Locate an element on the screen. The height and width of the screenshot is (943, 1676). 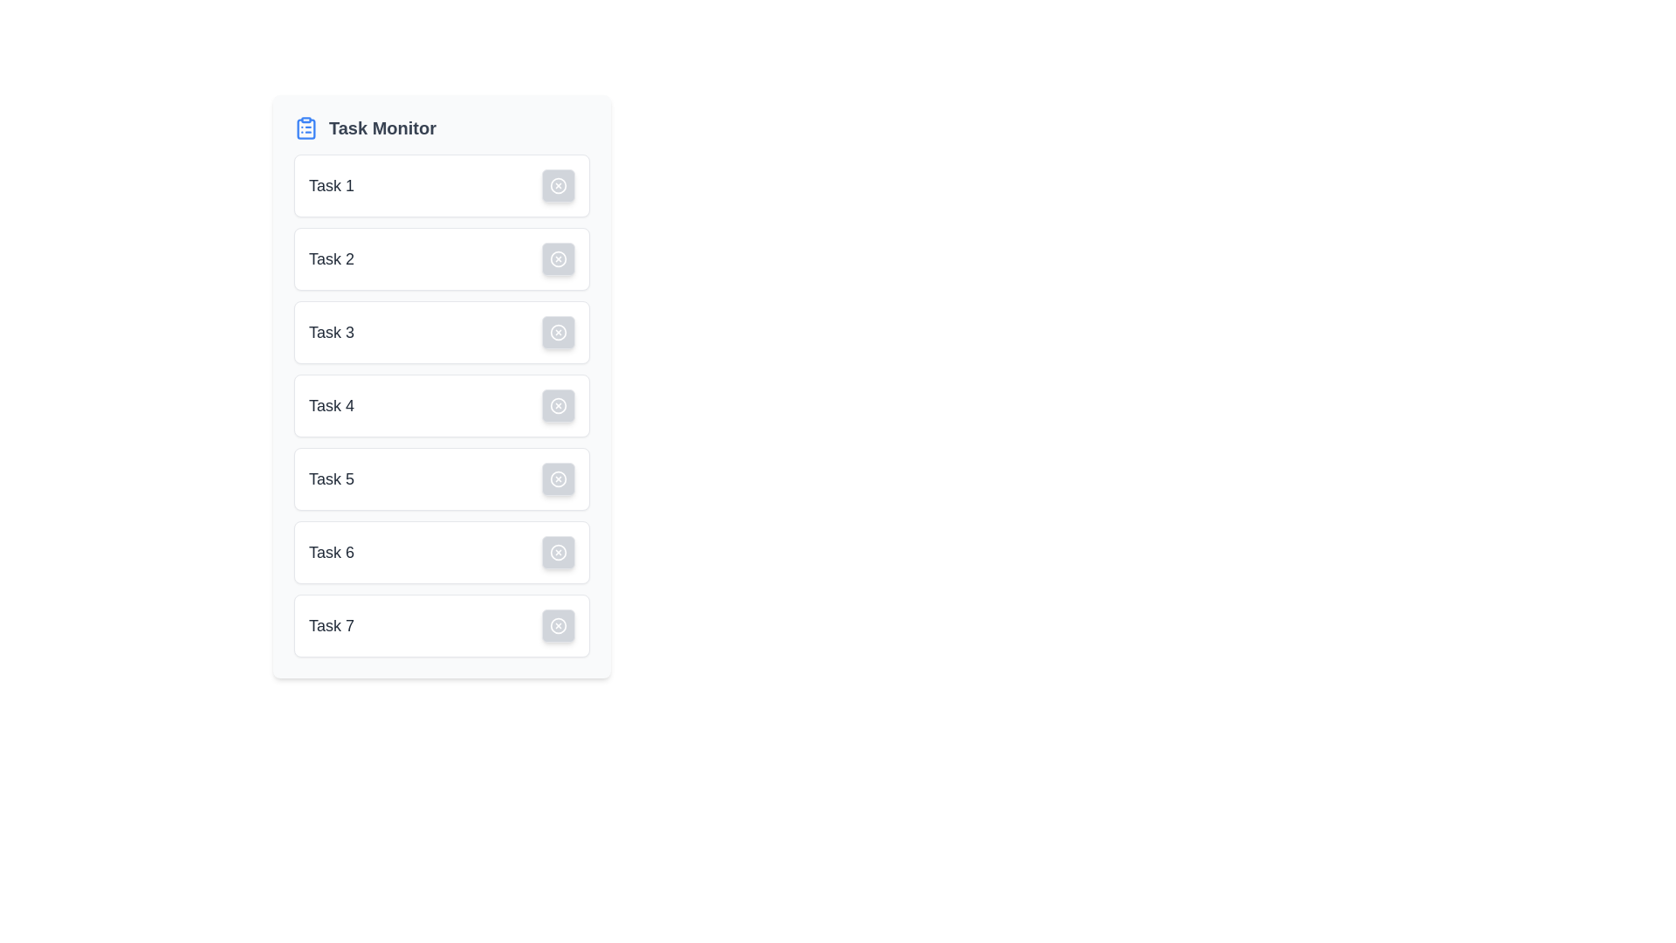
the text label displaying 'Task 1', which is styled in a larger font size and bold to emphasize its content, located in the top-left quadrant of the task info block is located at coordinates (331, 185).